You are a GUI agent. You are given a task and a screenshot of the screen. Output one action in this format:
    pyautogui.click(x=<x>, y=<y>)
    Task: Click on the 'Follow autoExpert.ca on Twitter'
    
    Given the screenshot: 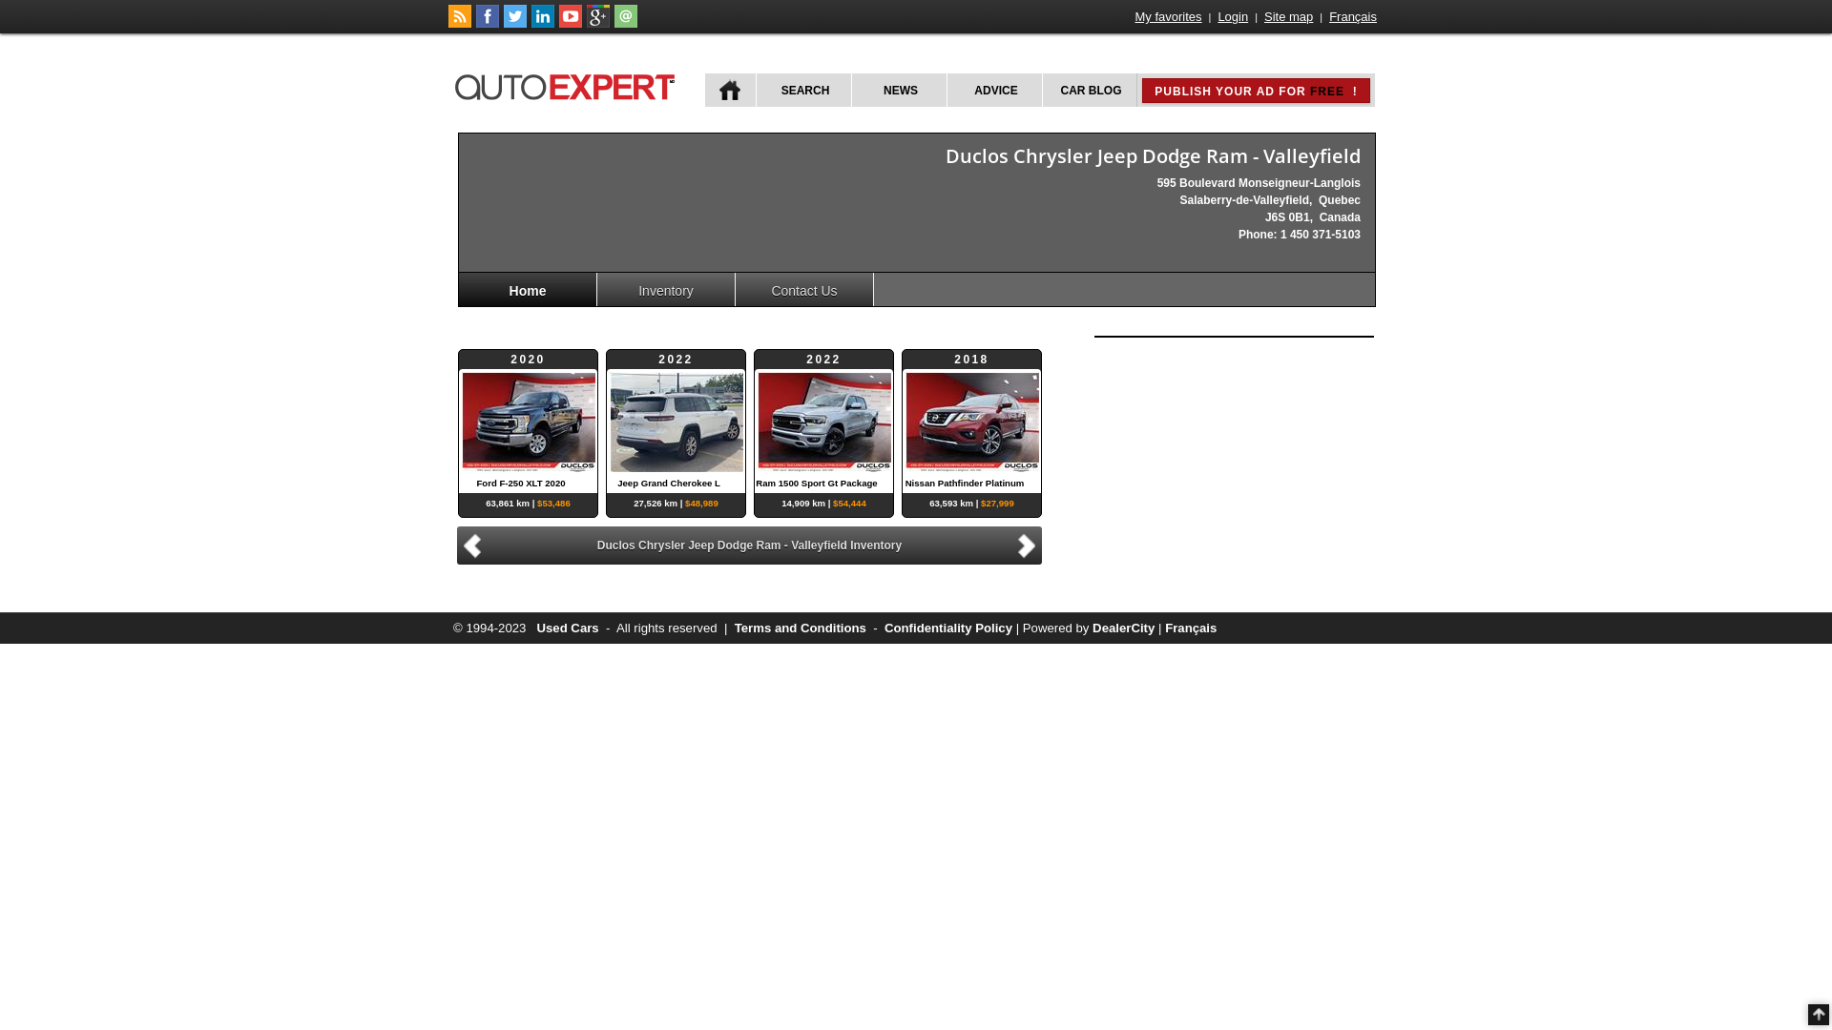 What is the action you would take?
    pyautogui.click(x=514, y=23)
    